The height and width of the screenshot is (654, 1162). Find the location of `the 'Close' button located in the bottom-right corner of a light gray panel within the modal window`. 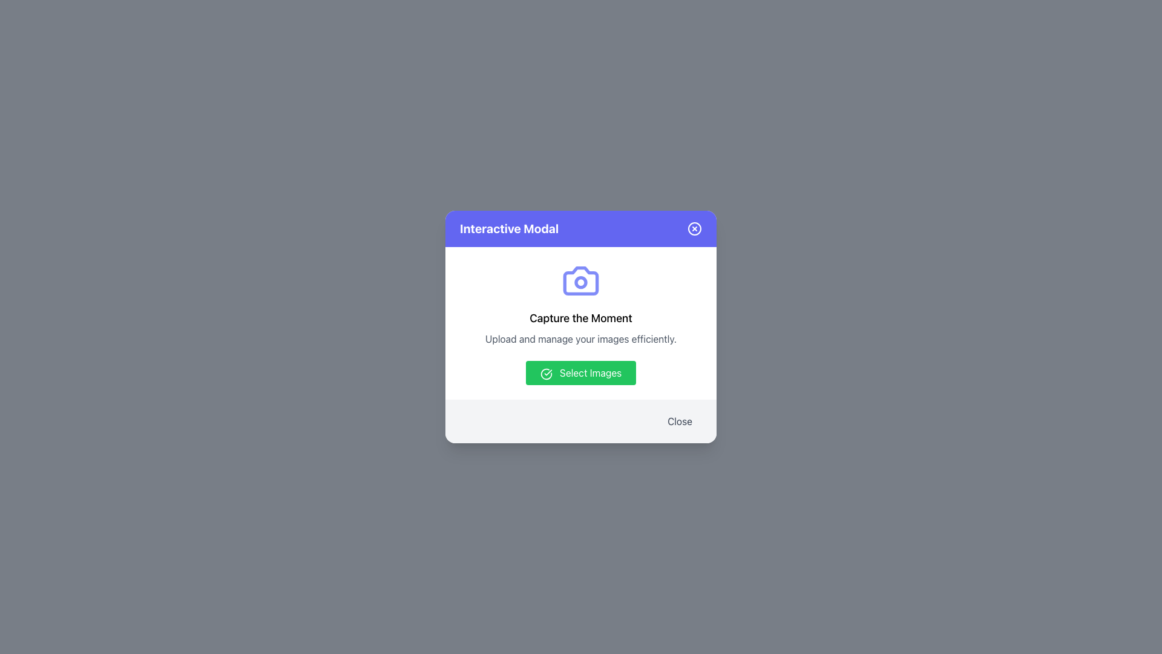

the 'Close' button located in the bottom-right corner of a light gray panel within the modal window is located at coordinates (680, 420).